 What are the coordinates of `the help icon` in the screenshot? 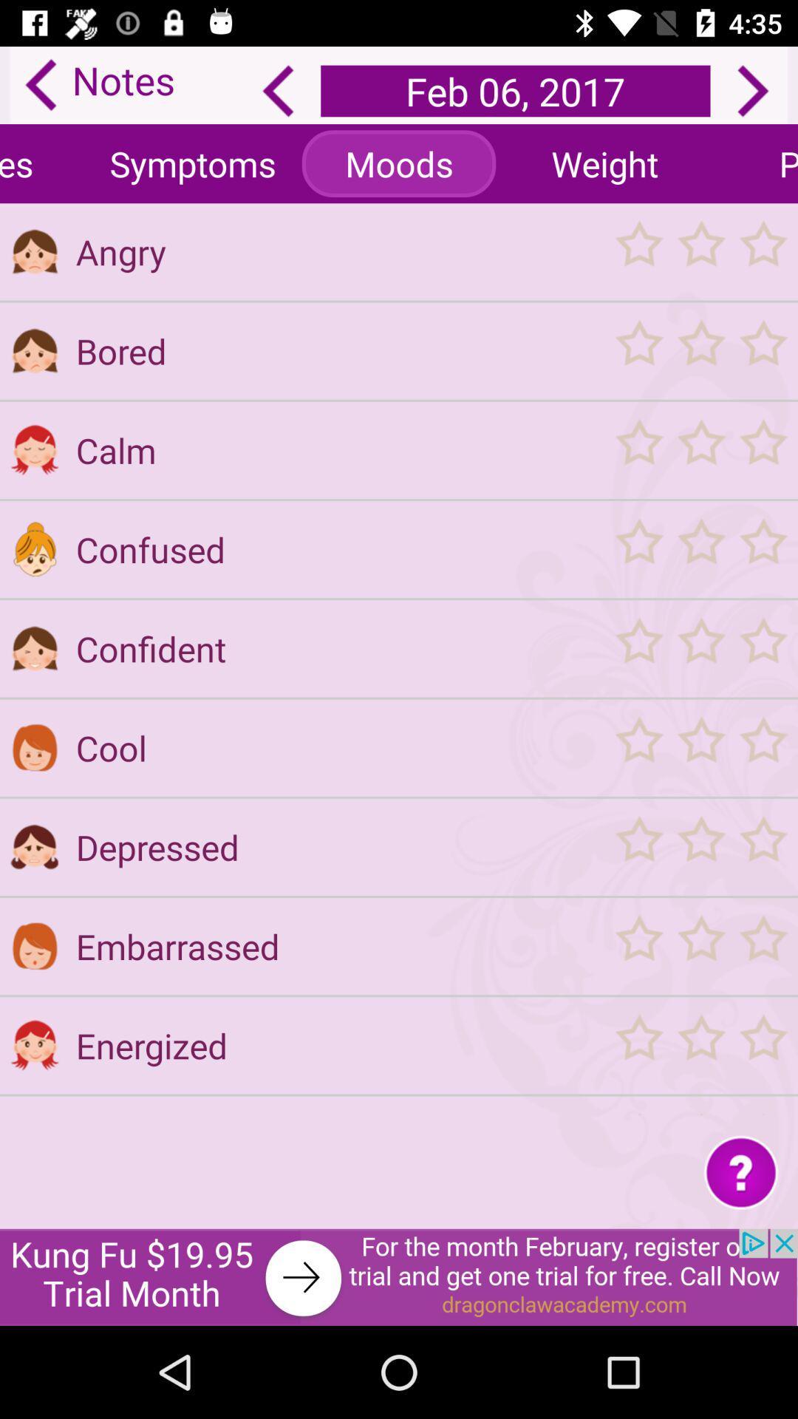 It's located at (741, 1171).